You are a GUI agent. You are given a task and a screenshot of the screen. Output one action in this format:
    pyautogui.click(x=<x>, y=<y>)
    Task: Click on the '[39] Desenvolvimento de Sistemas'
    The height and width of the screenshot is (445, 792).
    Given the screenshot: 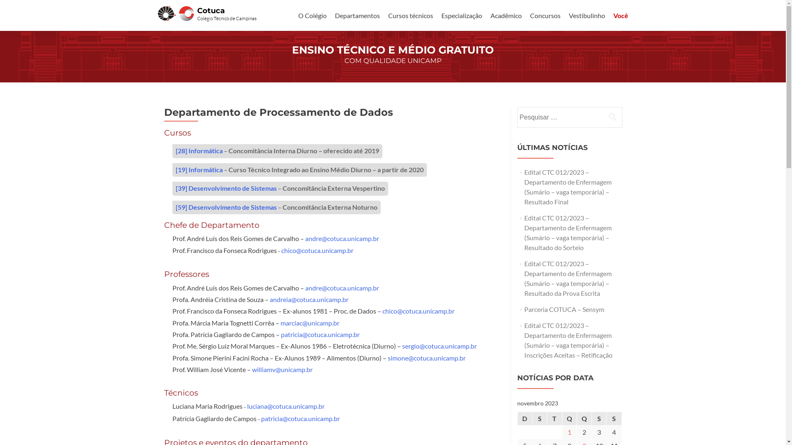 What is the action you would take?
    pyautogui.click(x=226, y=188)
    